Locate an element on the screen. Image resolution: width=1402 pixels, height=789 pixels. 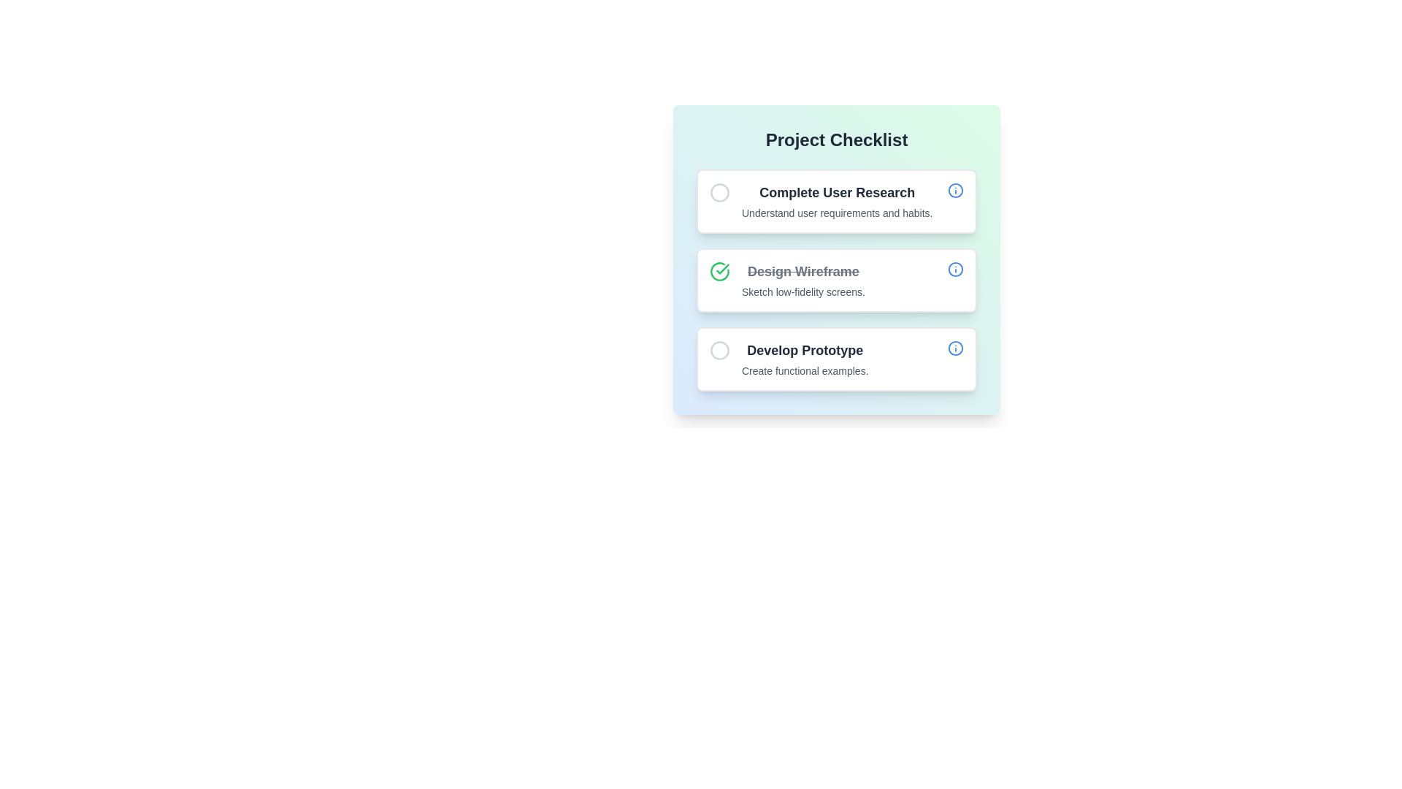
the crossed-out text label 'Design Wireframe' that indicates completion, positioned above the 'Sketch low-fidelity screens.' in the Project Checklist card is located at coordinates (802, 271).